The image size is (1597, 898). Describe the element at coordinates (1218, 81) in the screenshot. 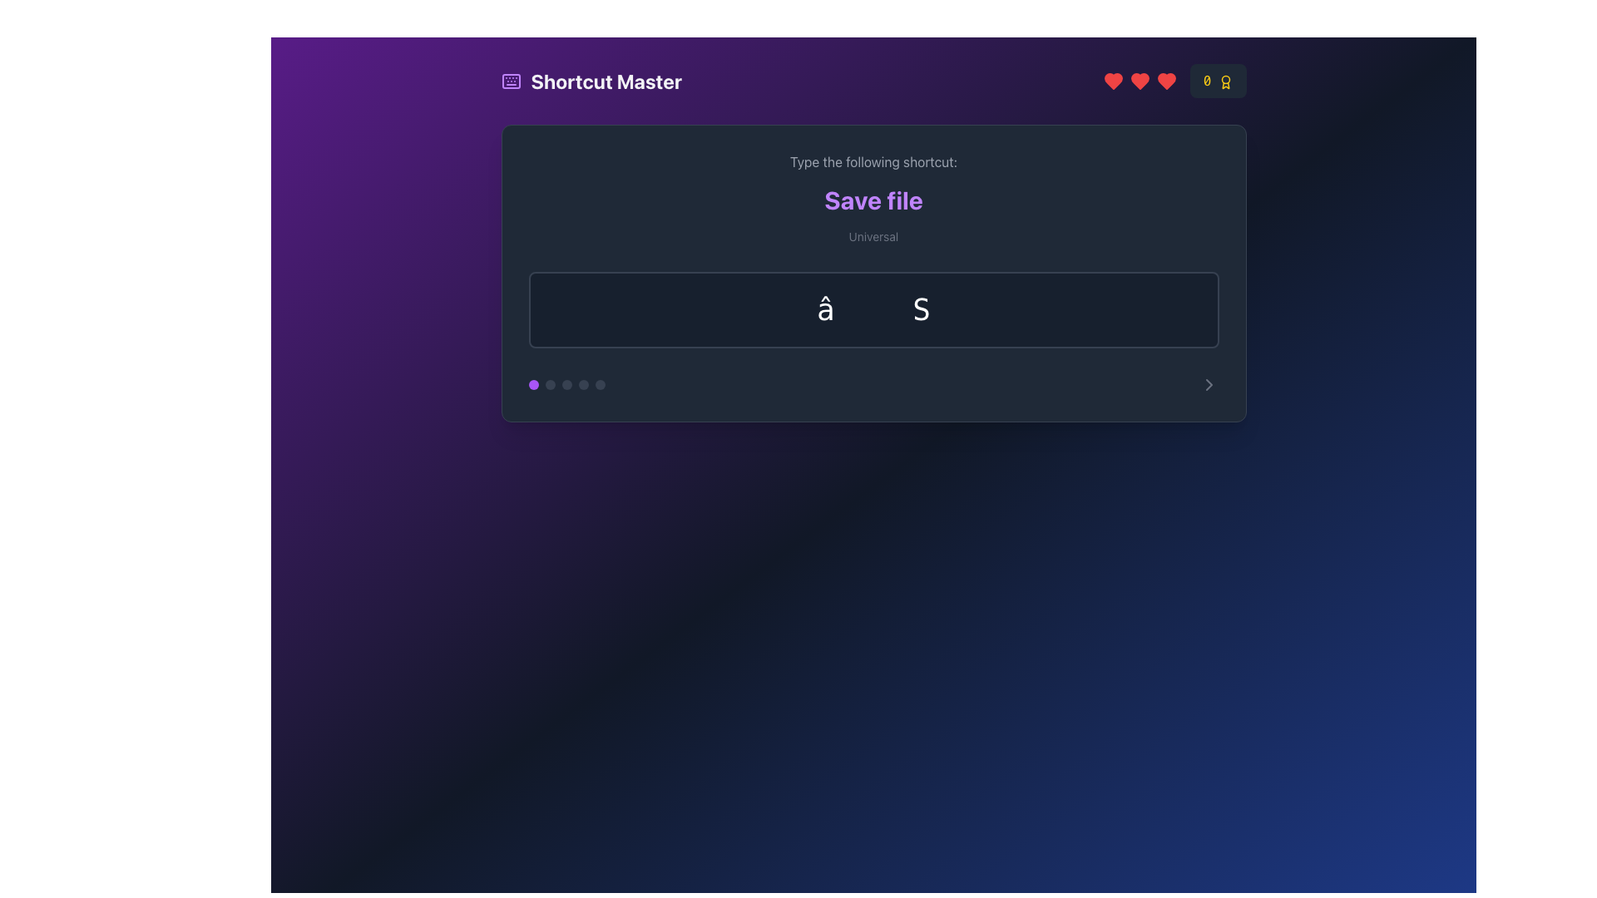

I see `the score or reward metric displayed in the top-right corner of the interface, which includes a number and an award icon` at that location.